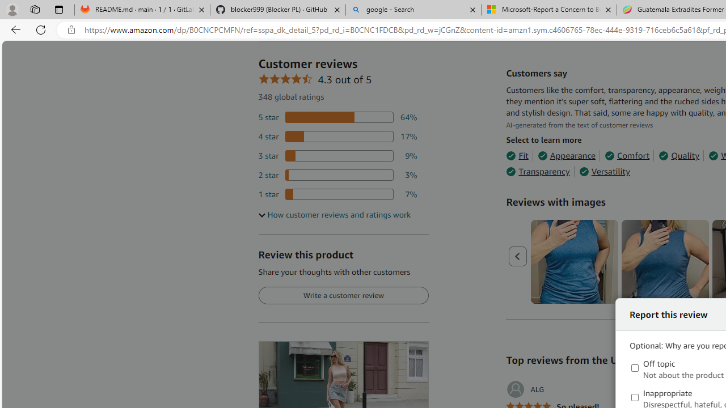  Describe the element at coordinates (413, 10) in the screenshot. I see `'google - Search'` at that location.